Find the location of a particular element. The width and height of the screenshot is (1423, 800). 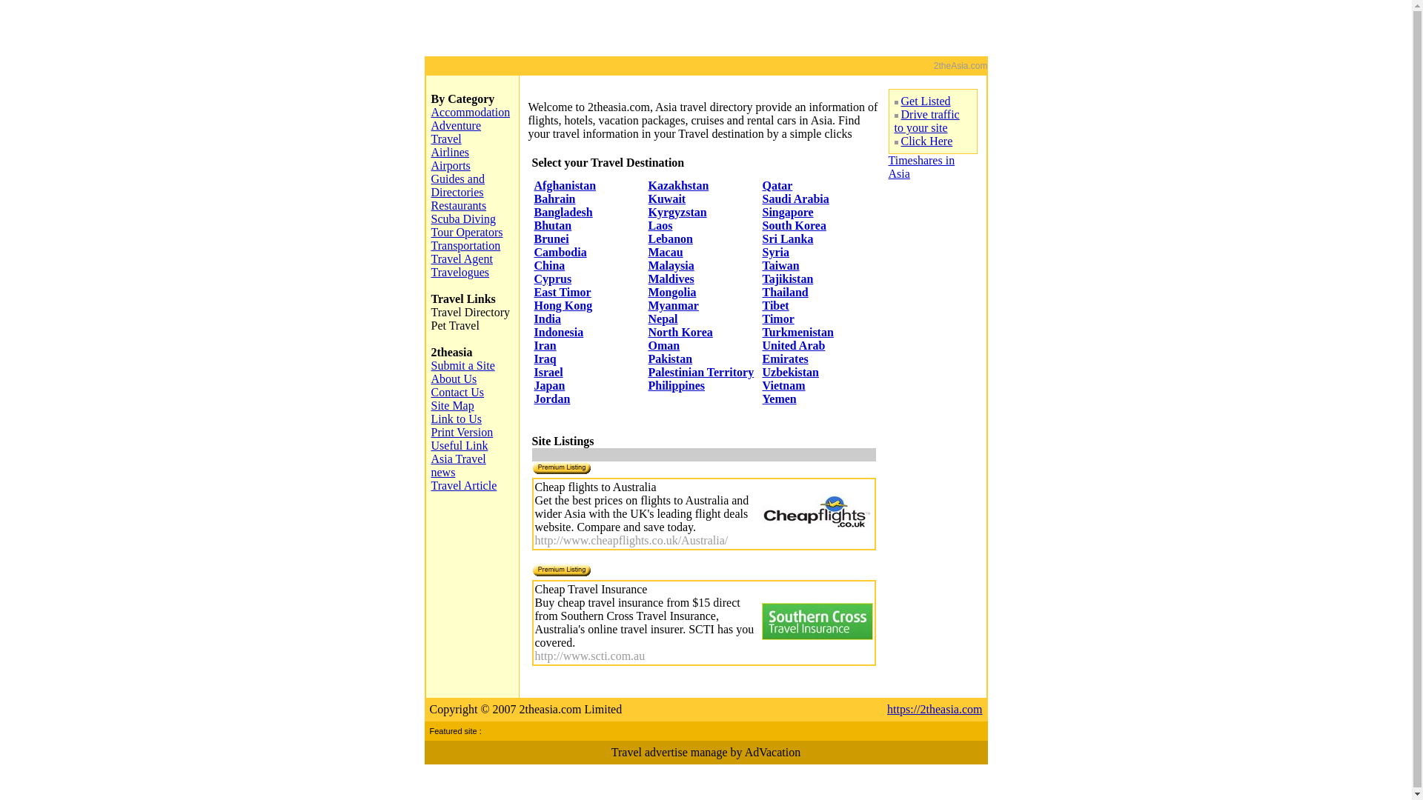

'Airlines' is located at coordinates (450, 152).